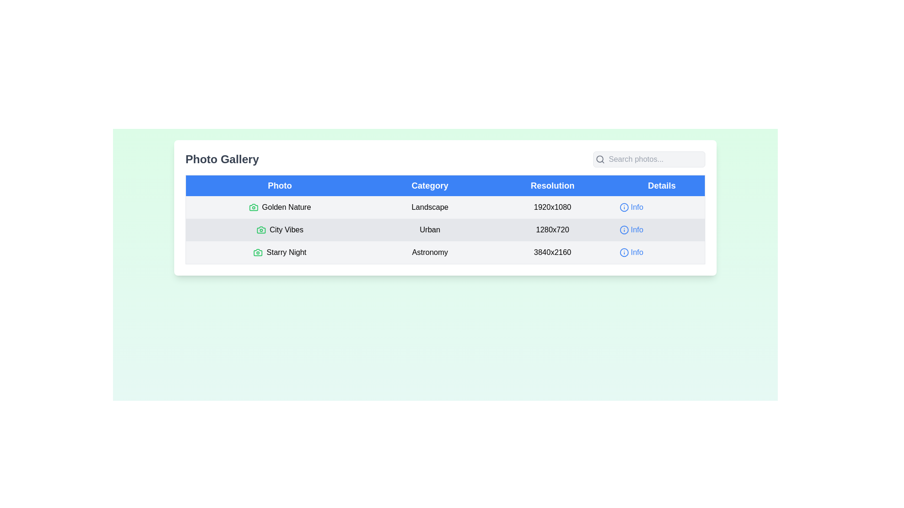  I want to click on the Column Header Label for the 'Category' column, which is the second tab from the left in a row of four tabs, centrally aligned above the photo categories table, so click(429, 185).